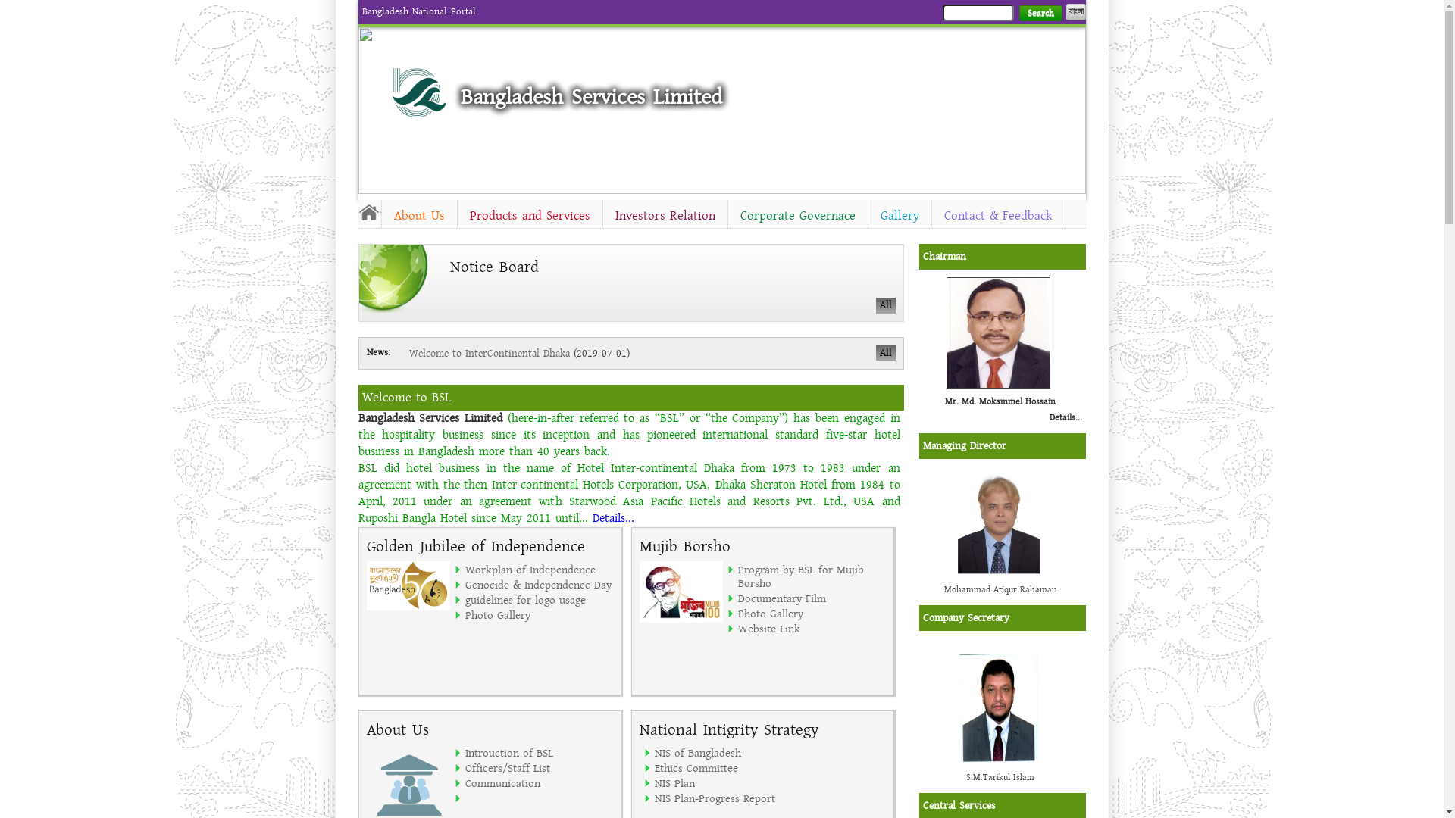 The width and height of the screenshot is (1455, 818). What do you see at coordinates (465, 598) in the screenshot?
I see `'guidelines for logo usage'` at bounding box center [465, 598].